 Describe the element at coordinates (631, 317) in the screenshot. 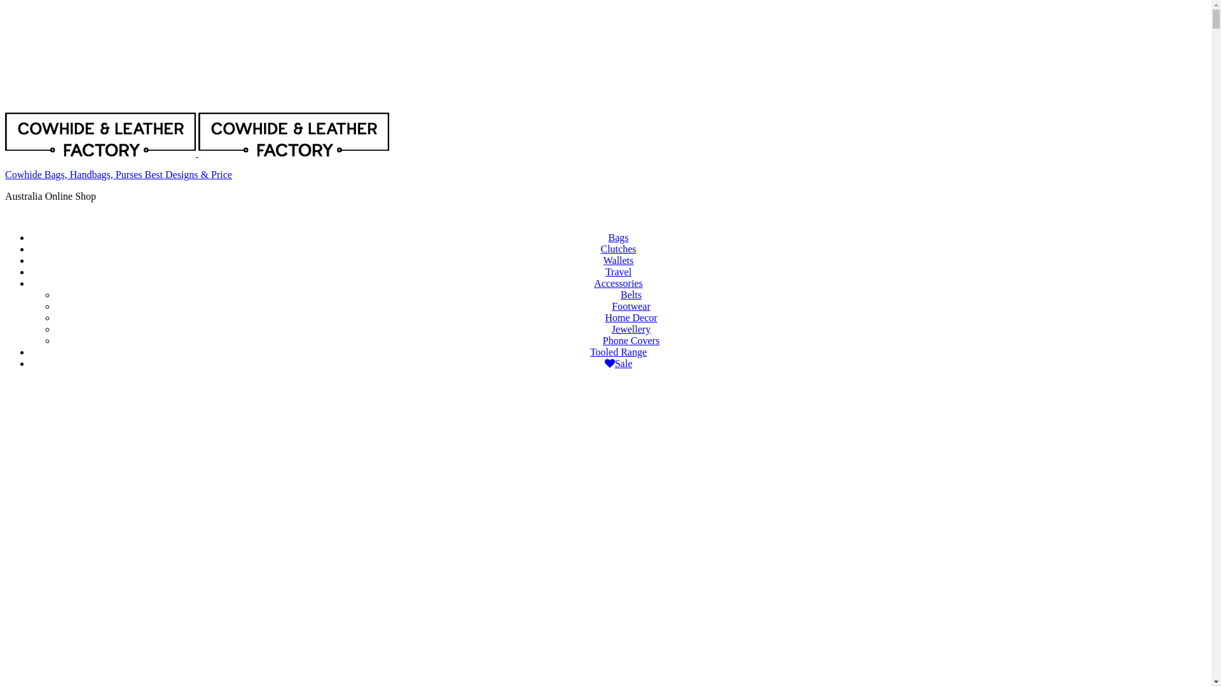

I see `'Home Decor'` at that location.